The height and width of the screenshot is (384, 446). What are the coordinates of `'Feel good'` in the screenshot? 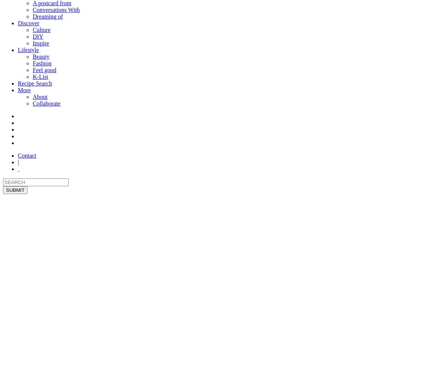 It's located at (44, 70).